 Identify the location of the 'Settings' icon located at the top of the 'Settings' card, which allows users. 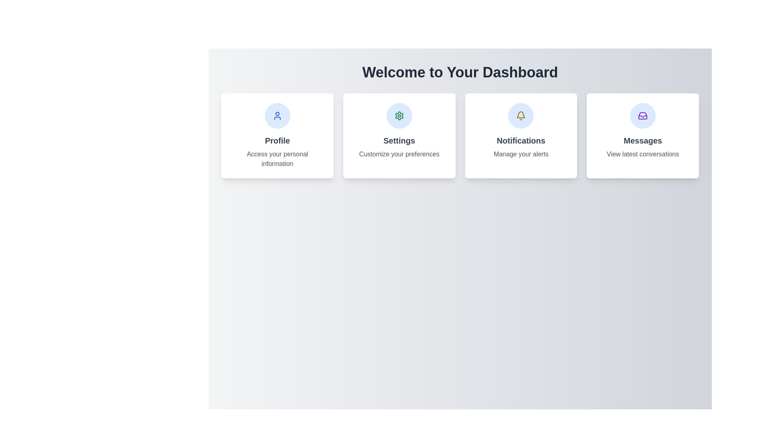
(399, 116).